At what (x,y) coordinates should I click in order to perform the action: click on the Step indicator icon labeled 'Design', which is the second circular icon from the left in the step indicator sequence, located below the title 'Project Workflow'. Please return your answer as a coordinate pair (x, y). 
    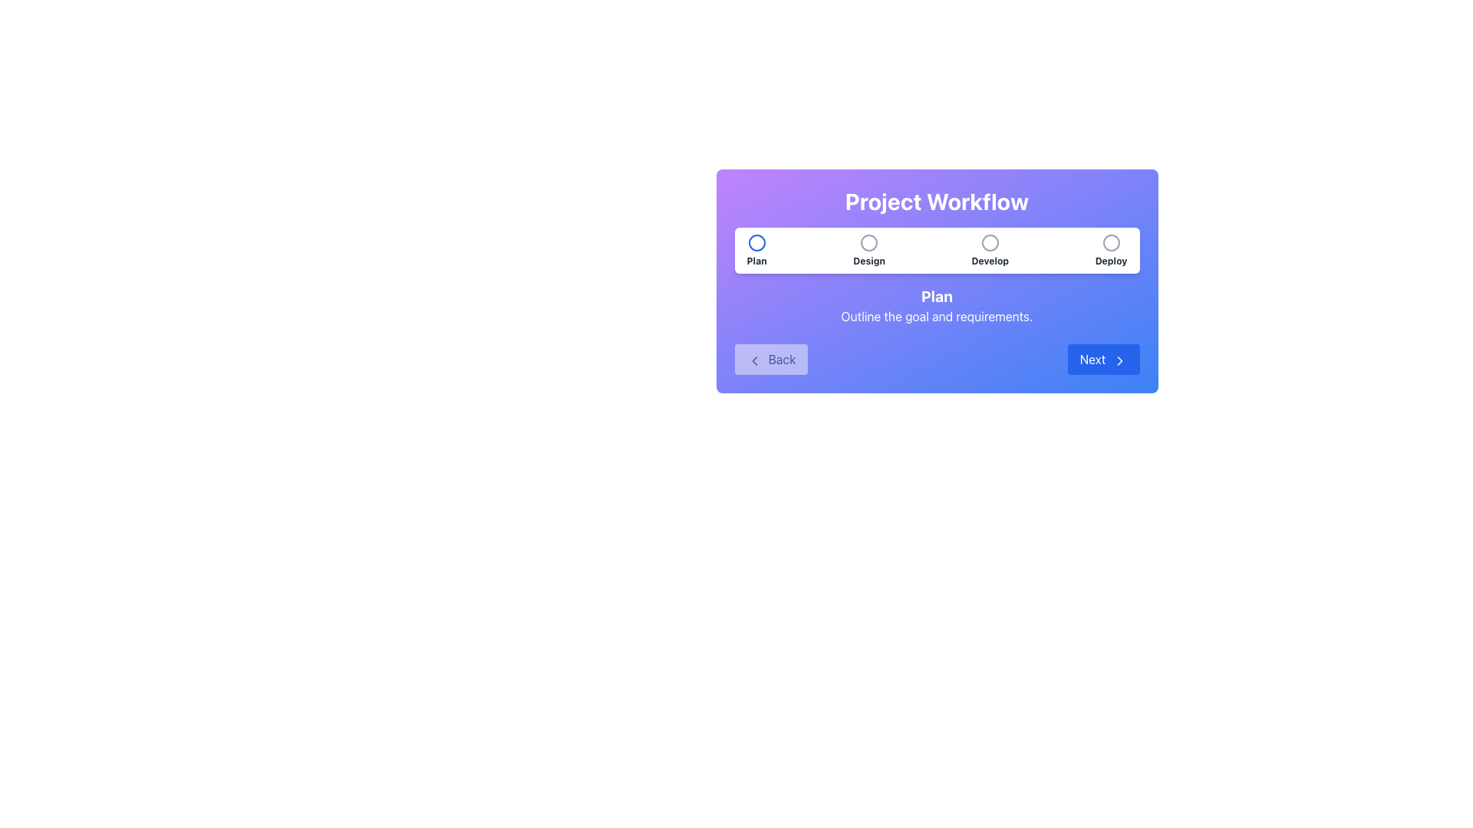
    Looking at the image, I should click on (868, 242).